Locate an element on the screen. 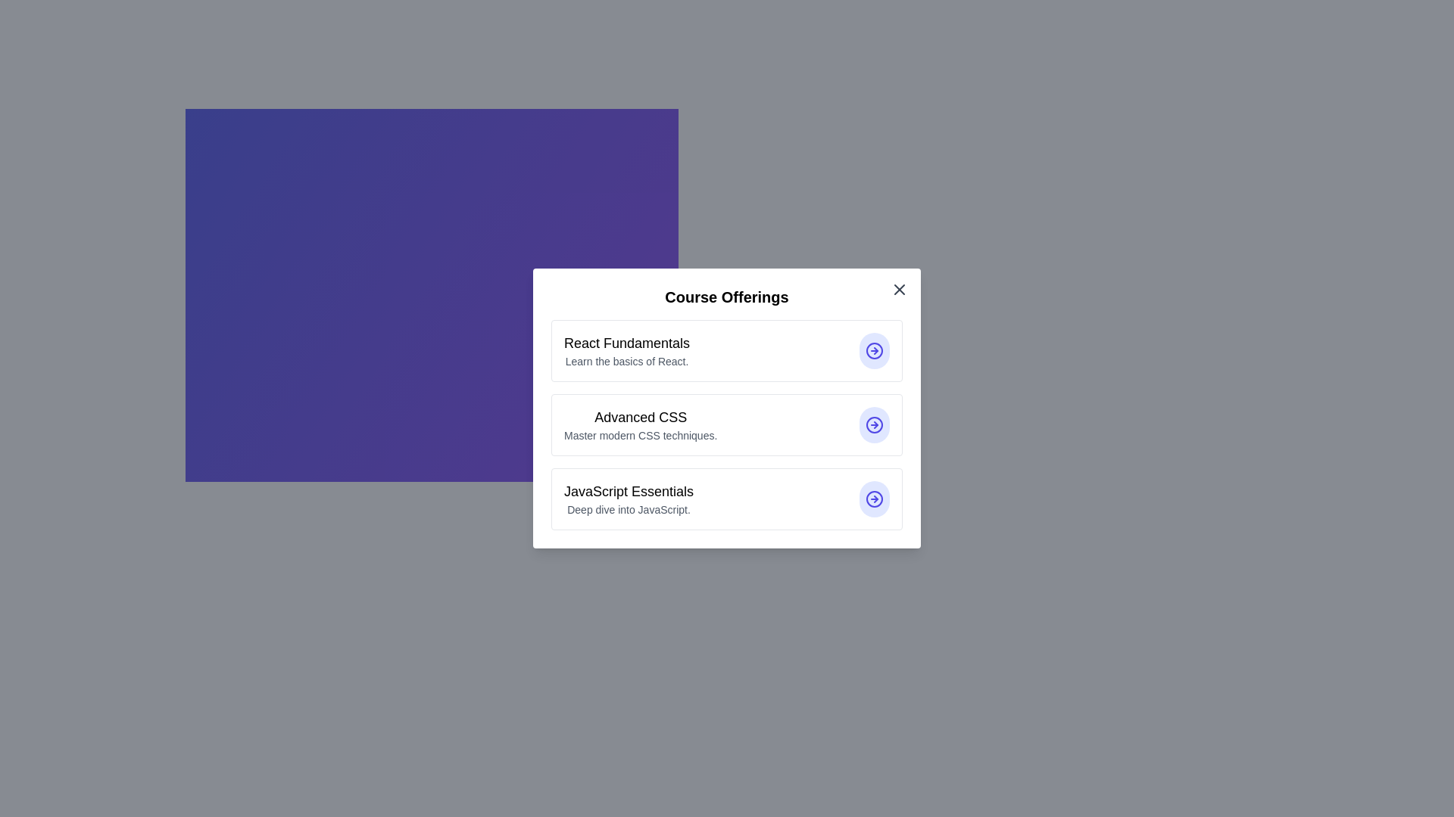 Image resolution: width=1454 pixels, height=817 pixels. the icon button located to the right of the 'Advanced CSS' text description in the 'Course Offerings' modal is located at coordinates (875, 425).